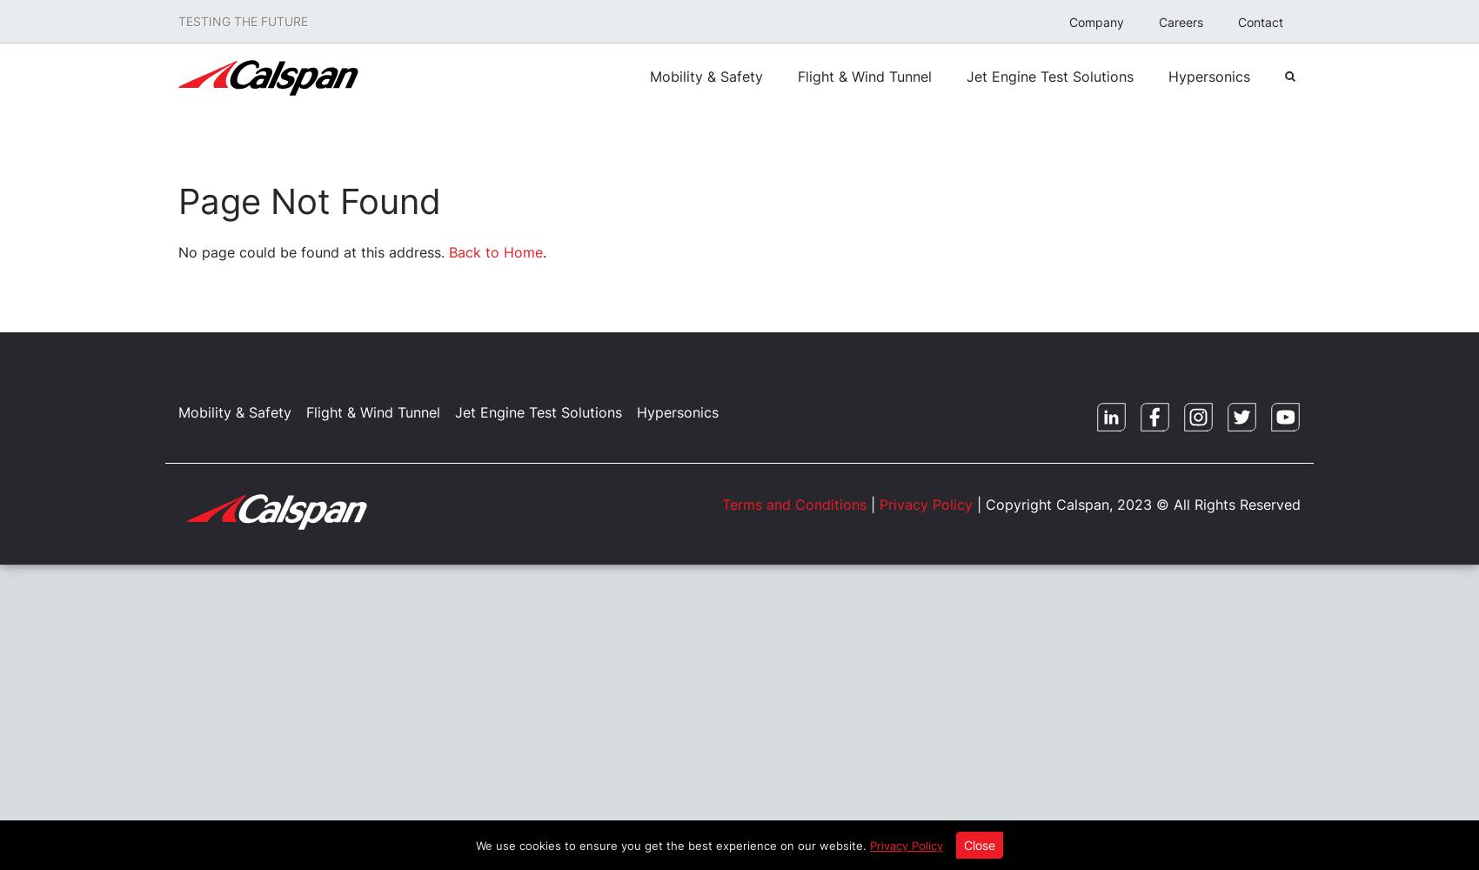  Describe the element at coordinates (1237, 22) in the screenshot. I see `'Contact'` at that location.